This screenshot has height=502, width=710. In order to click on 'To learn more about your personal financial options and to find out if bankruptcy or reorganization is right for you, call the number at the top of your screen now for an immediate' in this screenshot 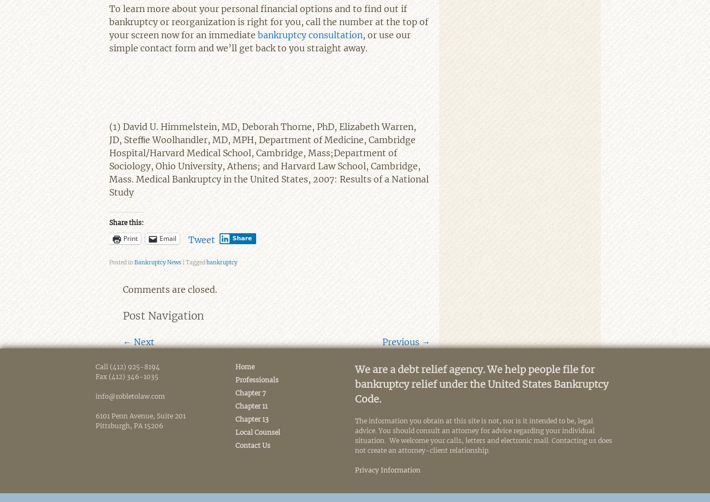, I will do `click(269, 21)`.